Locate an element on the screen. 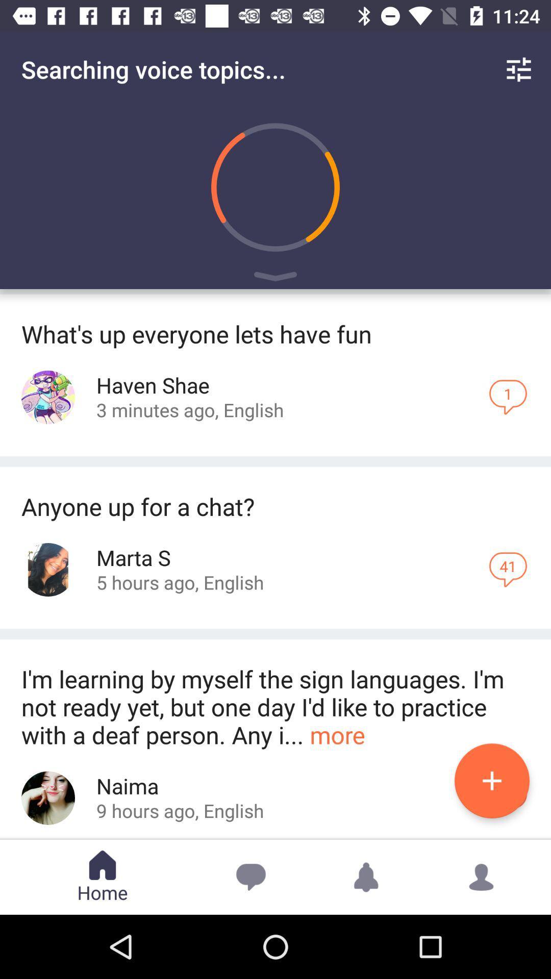 This screenshot has height=979, width=551. open the menu is located at coordinates (275, 278).